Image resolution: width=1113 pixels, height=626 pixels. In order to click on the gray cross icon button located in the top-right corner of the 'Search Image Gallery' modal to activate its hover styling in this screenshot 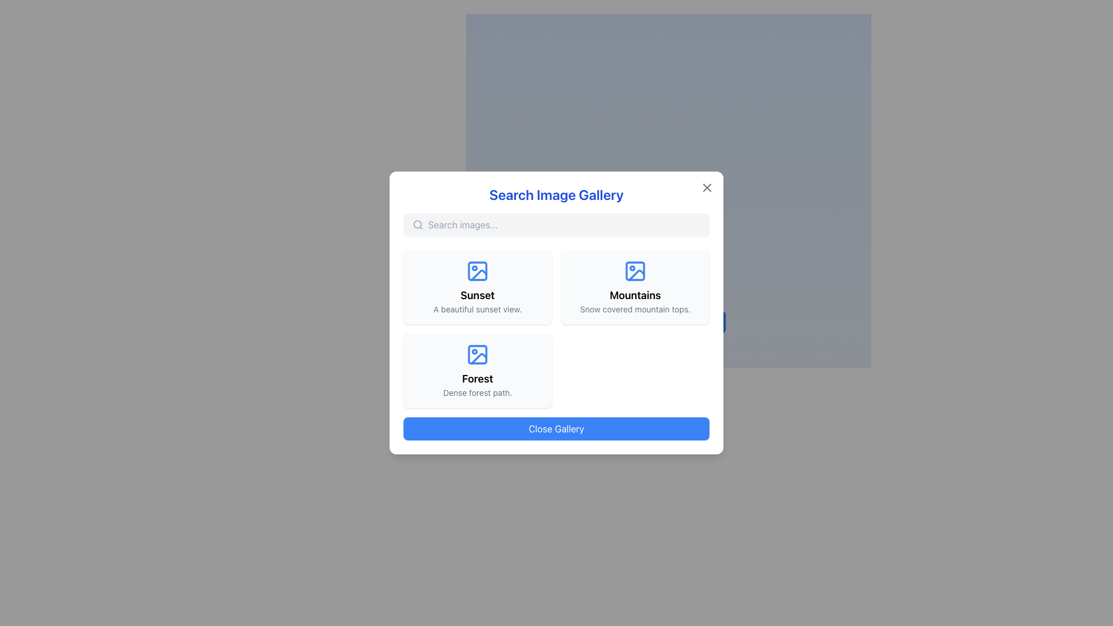, I will do `click(706, 187)`.